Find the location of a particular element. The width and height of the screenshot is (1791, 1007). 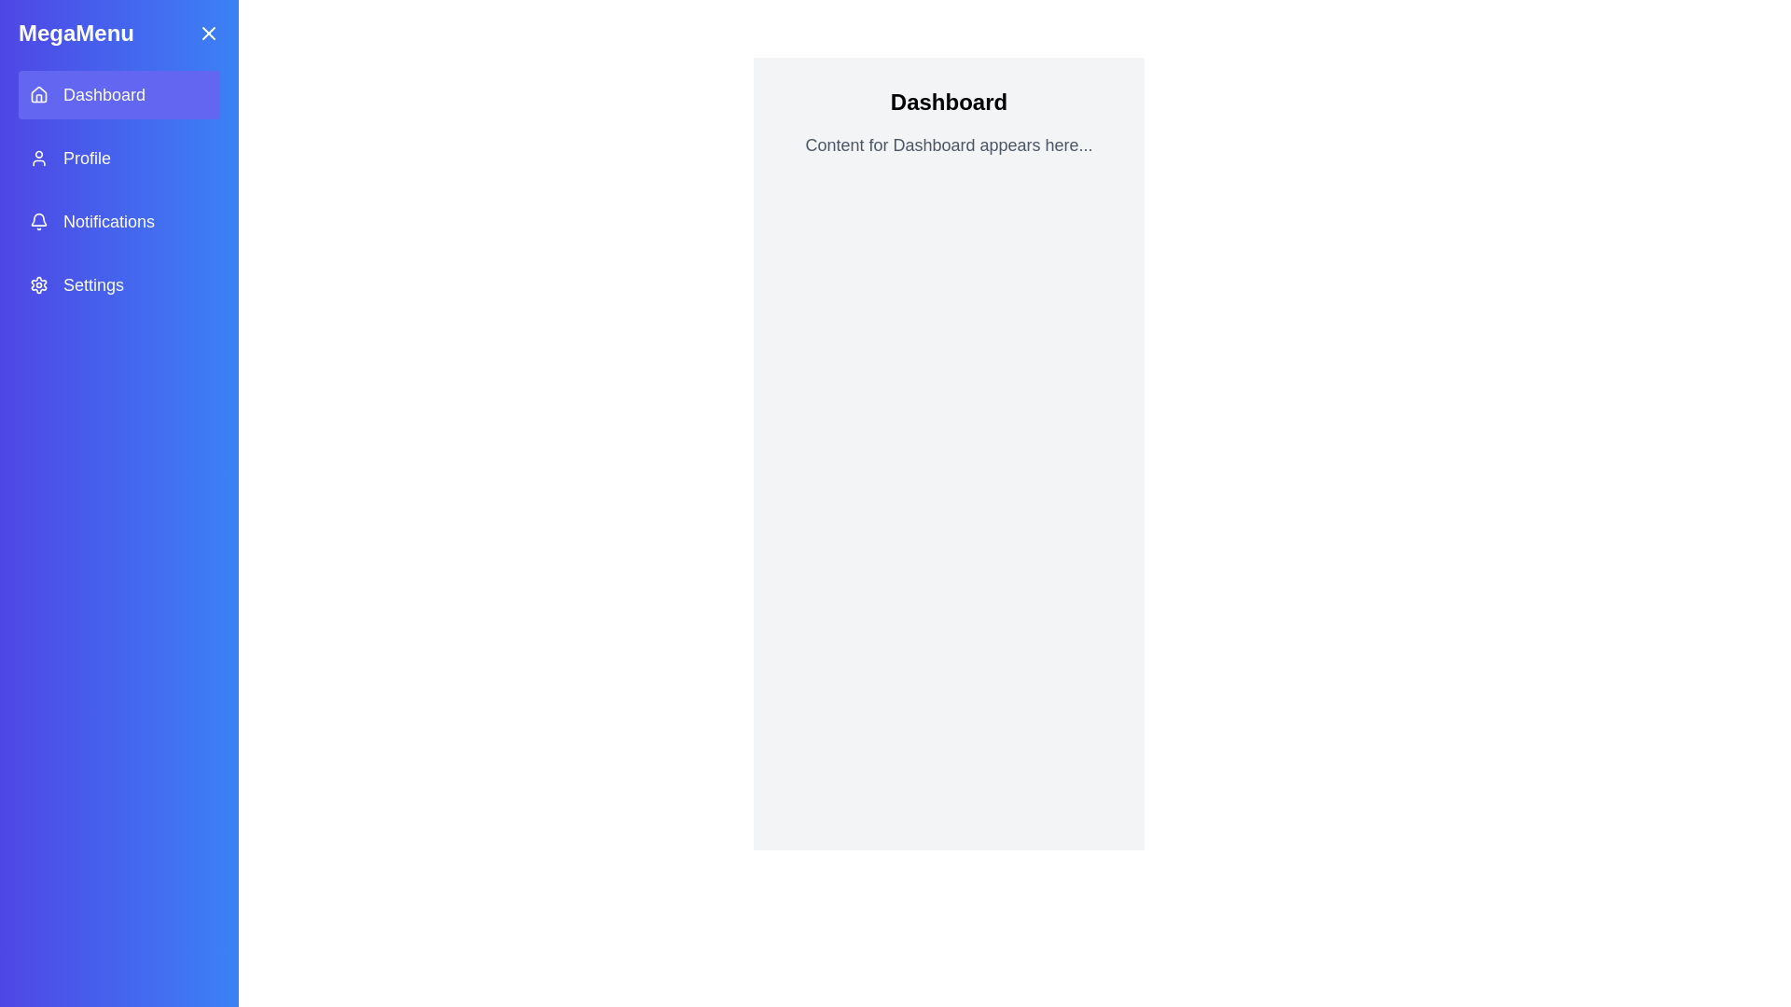

the text label that serves as the title for the sidebar navigation menu, located at the top-left corner of the gradient blue sidebar is located at coordinates (75, 33).